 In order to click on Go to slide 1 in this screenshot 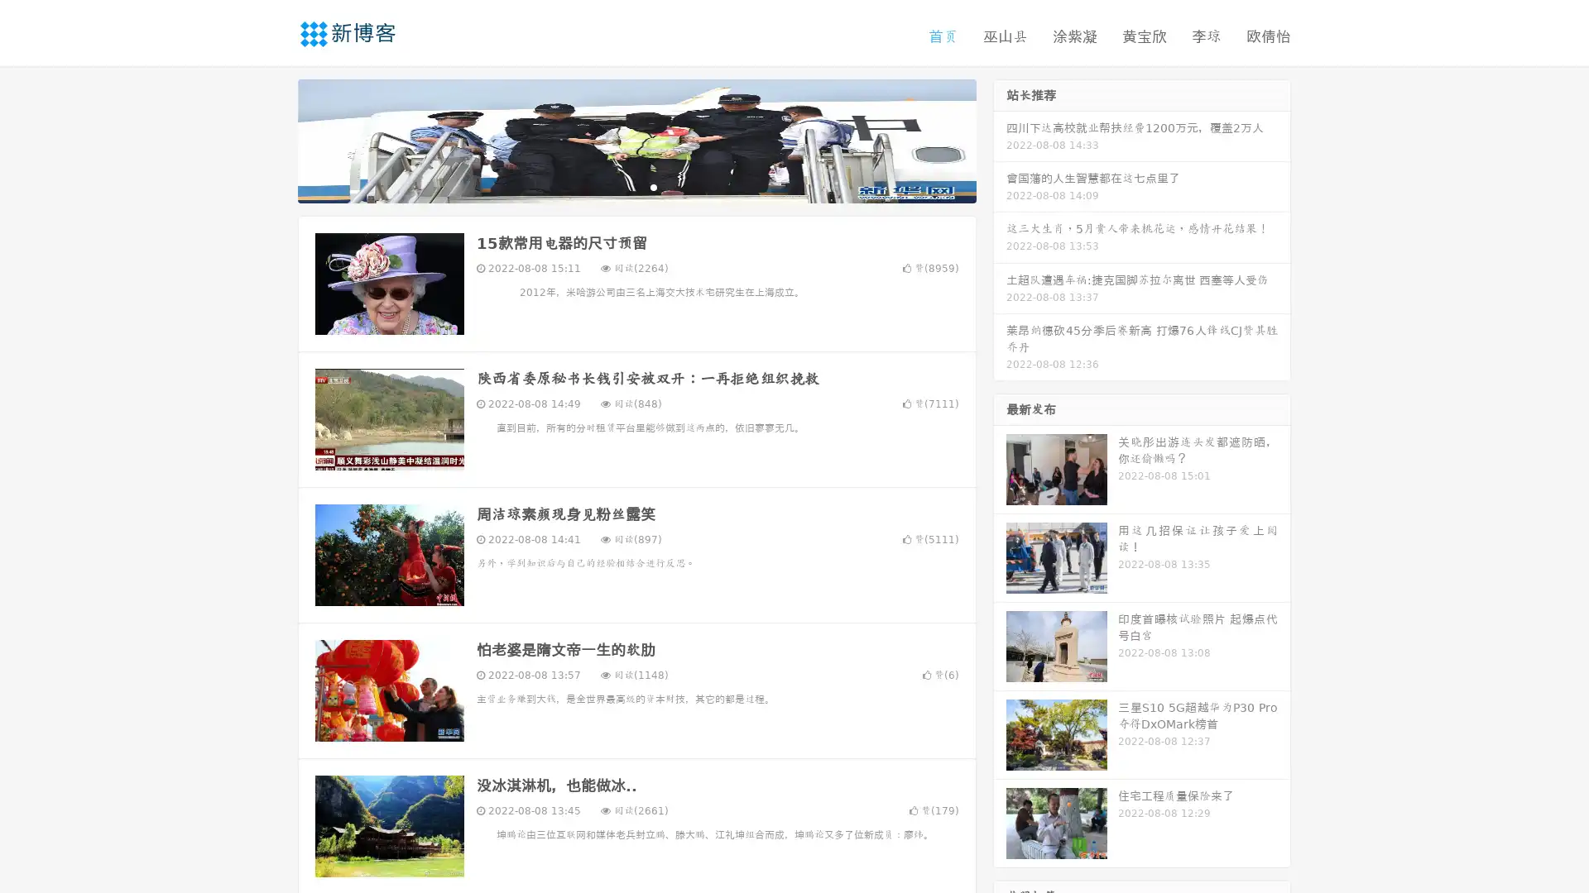, I will do `click(619, 186)`.